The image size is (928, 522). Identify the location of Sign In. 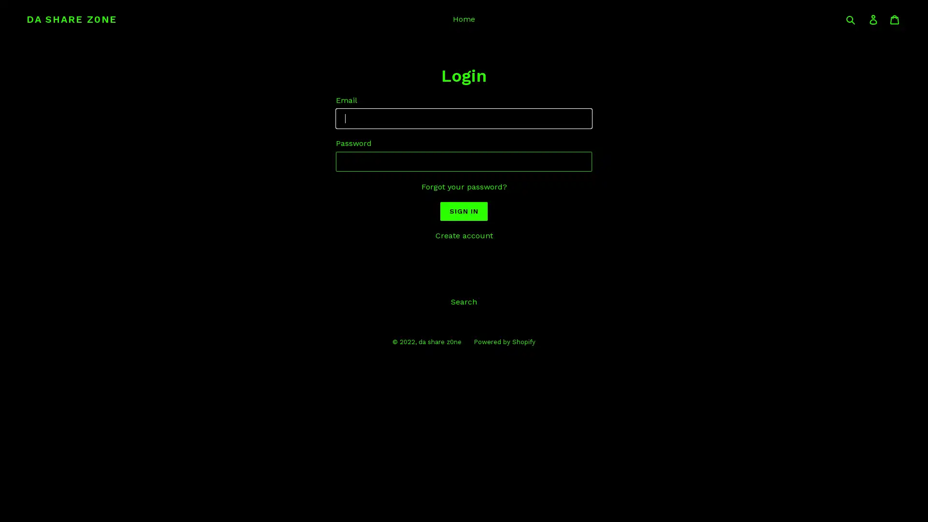
(463, 210).